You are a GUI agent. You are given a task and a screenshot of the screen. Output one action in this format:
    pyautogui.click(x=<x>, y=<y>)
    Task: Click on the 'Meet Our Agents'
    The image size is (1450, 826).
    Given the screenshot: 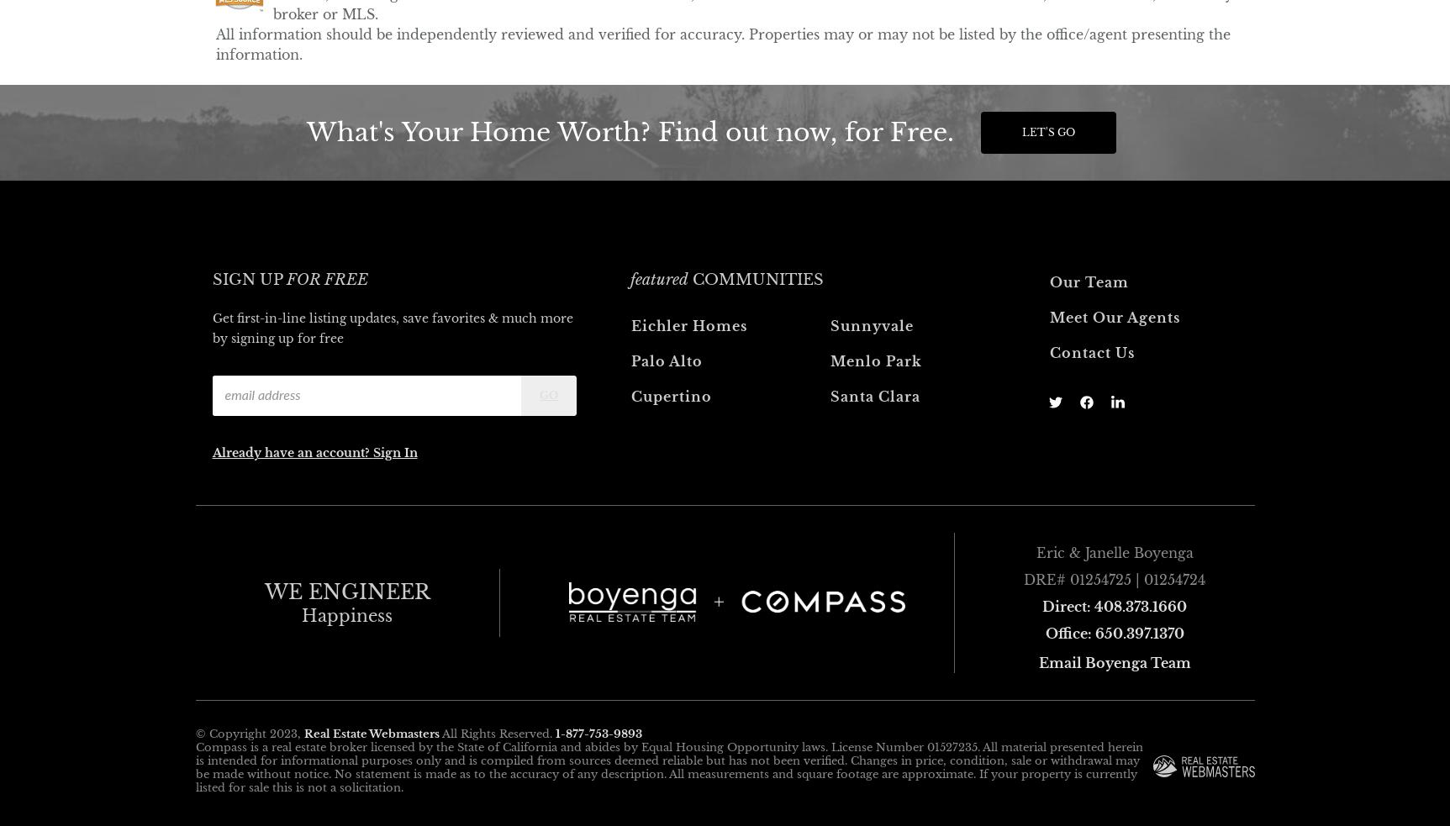 What is the action you would take?
    pyautogui.click(x=1114, y=316)
    